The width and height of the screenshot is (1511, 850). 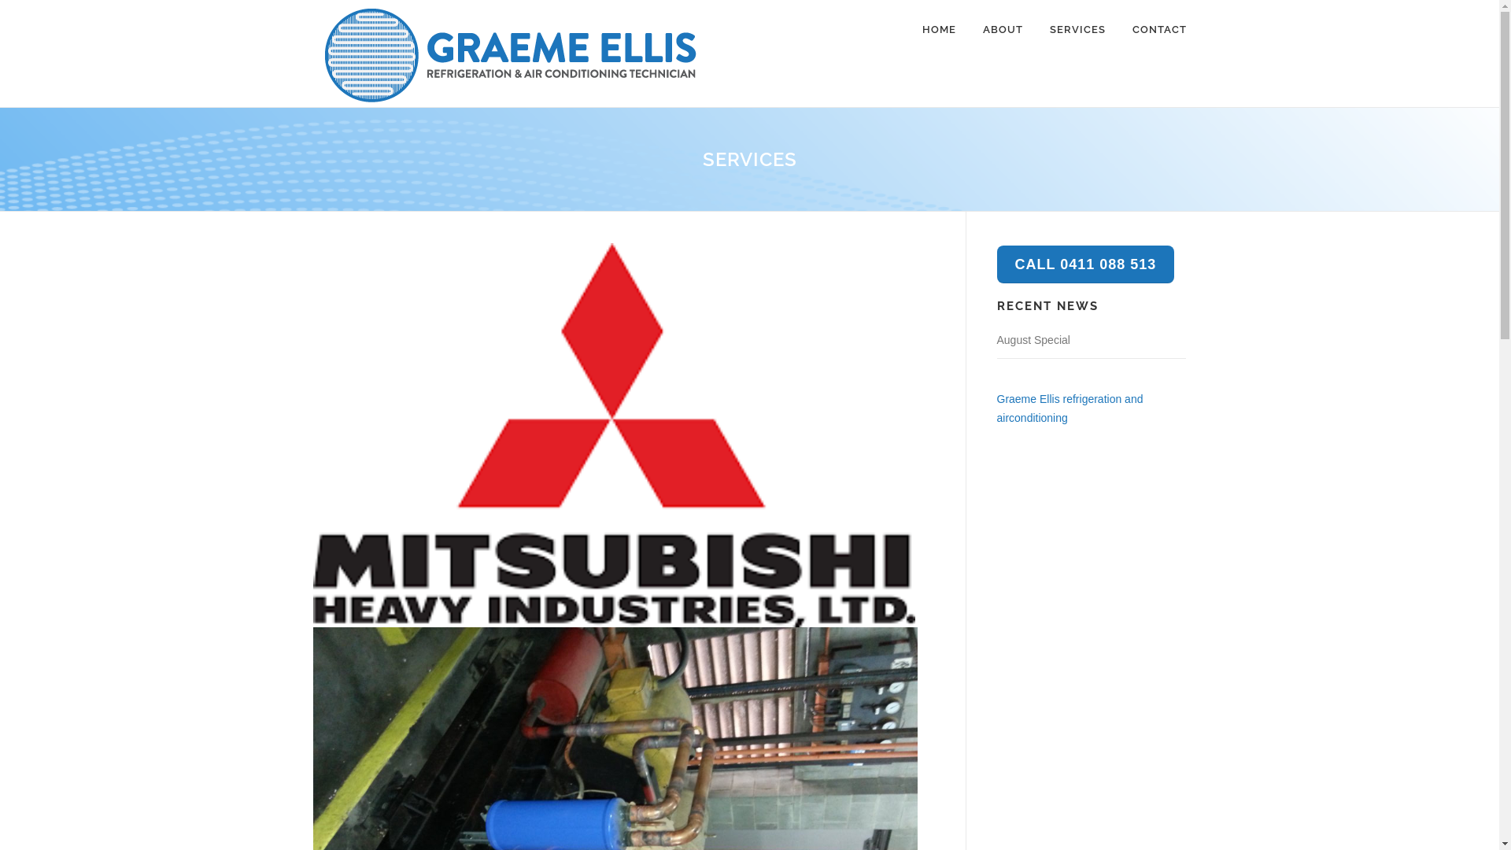 I want to click on 'HOME', so click(x=938, y=29).